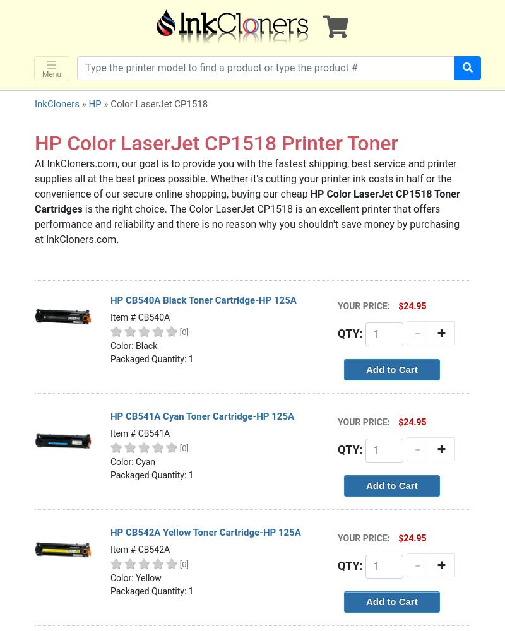 The image size is (505, 631). I want to click on 'Color: Yellow', so click(110, 577).